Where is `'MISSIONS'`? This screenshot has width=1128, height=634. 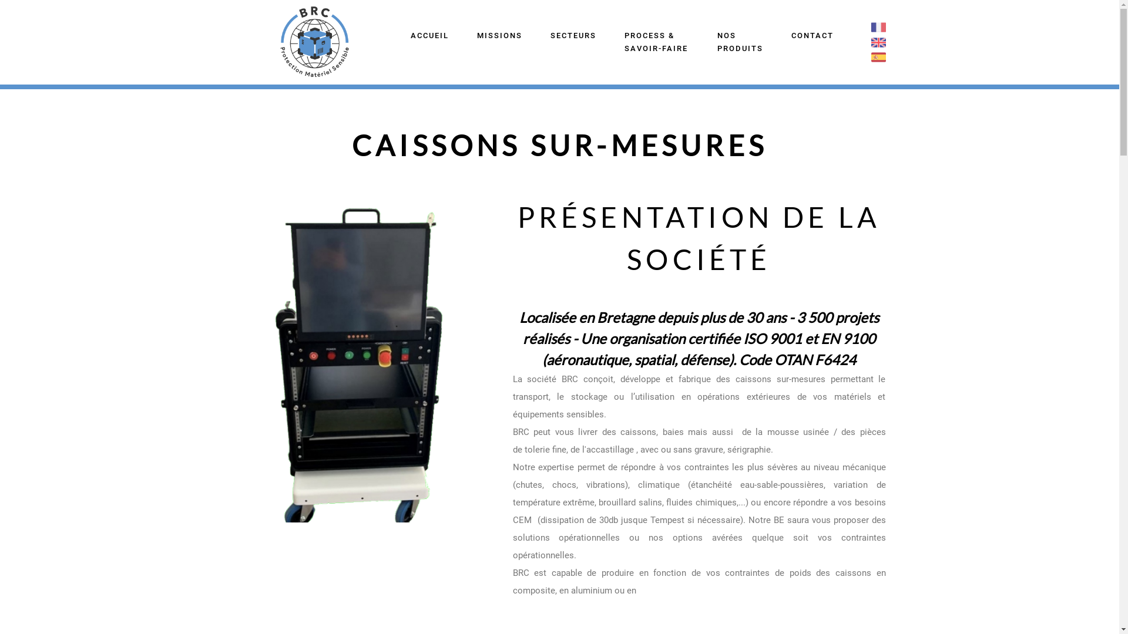 'MISSIONS' is located at coordinates (472, 35).